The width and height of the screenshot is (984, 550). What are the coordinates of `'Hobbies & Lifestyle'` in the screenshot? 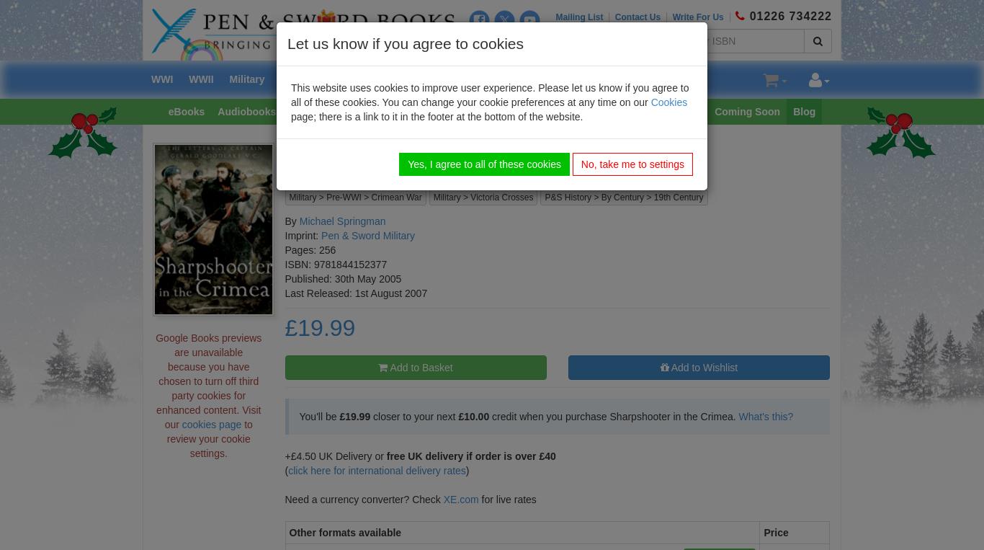 It's located at (393, 110).